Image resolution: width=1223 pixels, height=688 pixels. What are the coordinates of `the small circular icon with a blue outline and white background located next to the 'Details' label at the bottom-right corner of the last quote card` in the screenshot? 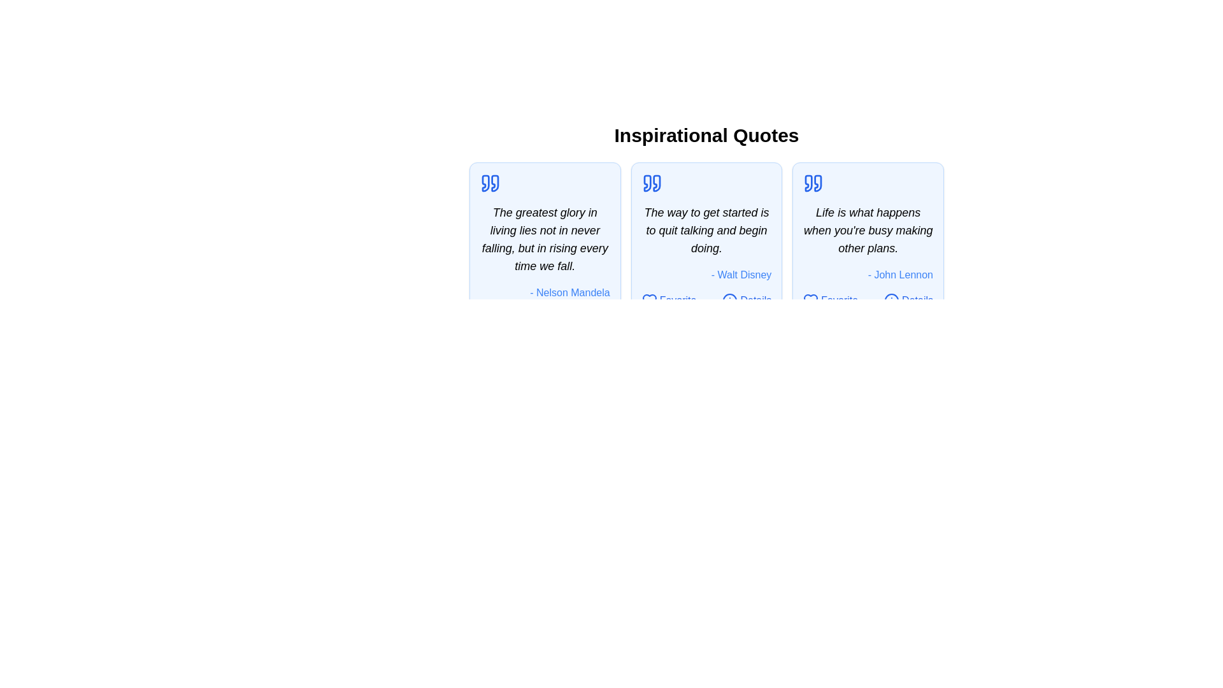 It's located at (891, 300).